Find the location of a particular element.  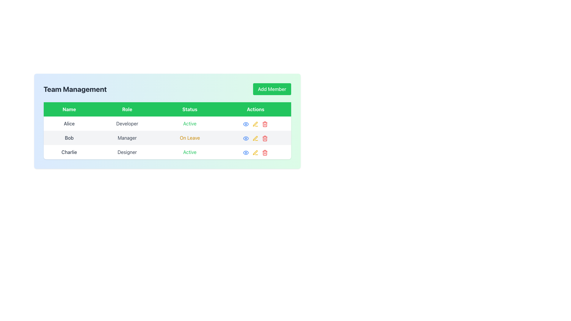

the small yellow pen-shaped icon in the 'Actions' column of the row corresponding to 'Bob' is located at coordinates (255, 138).